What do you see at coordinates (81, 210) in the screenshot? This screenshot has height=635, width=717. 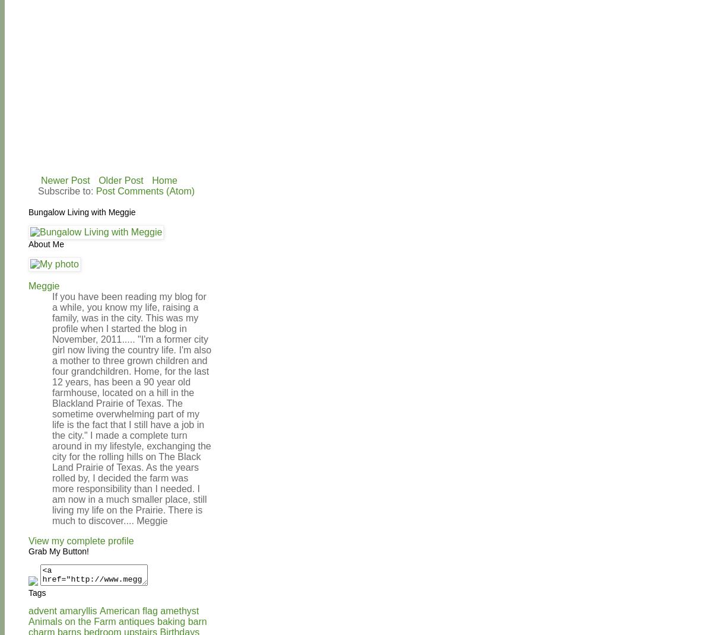 I see `'Bungalow Living with Meggie'` at bounding box center [81, 210].